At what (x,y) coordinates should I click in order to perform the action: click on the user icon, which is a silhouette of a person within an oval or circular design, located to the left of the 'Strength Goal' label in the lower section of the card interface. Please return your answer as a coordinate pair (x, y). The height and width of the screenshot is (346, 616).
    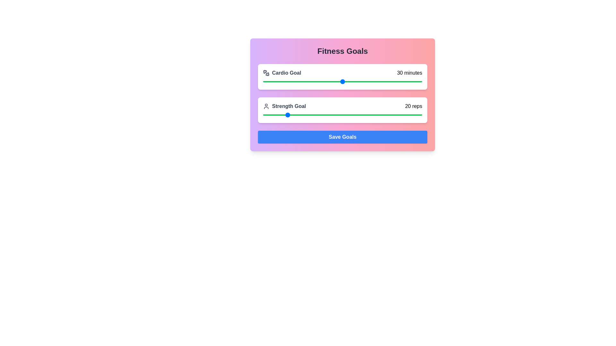
    Looking at the image, I should click on (266, 106).